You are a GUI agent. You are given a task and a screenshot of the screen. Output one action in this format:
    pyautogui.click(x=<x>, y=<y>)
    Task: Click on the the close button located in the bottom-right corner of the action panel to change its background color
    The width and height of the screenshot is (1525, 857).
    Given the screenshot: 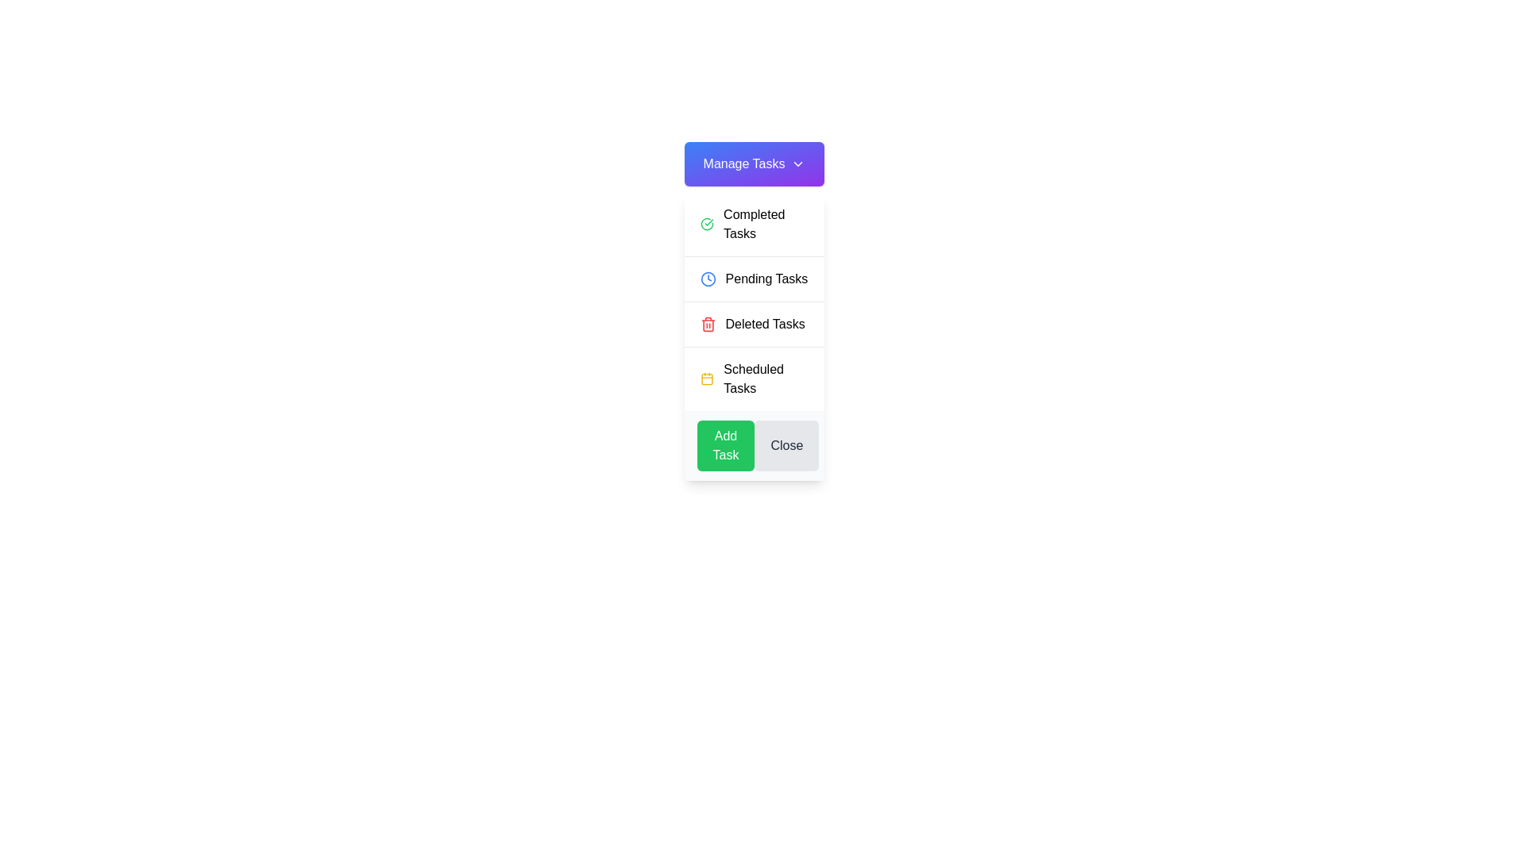 What is the action you would take?
    pyautogui.click(x=786, y=446)
    